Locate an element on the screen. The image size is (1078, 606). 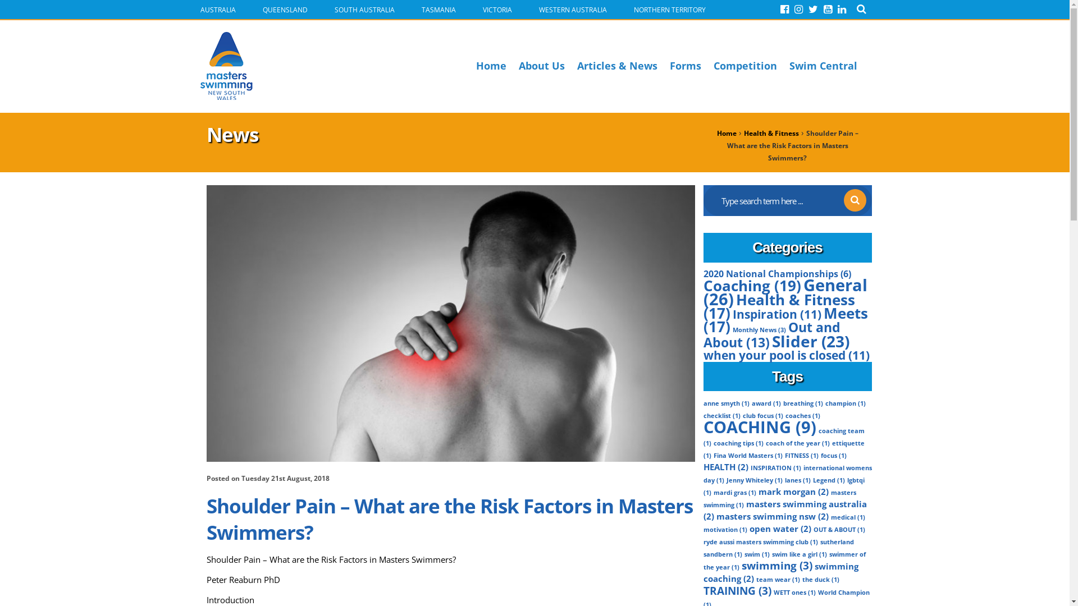
'ettiquette (1)' is located at coordinates (783, 449).